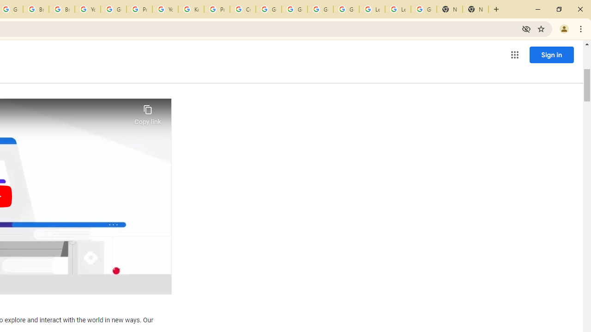 This screenshot has width=591, height=332. I want to click on 'Copy link', so click(148, 112).